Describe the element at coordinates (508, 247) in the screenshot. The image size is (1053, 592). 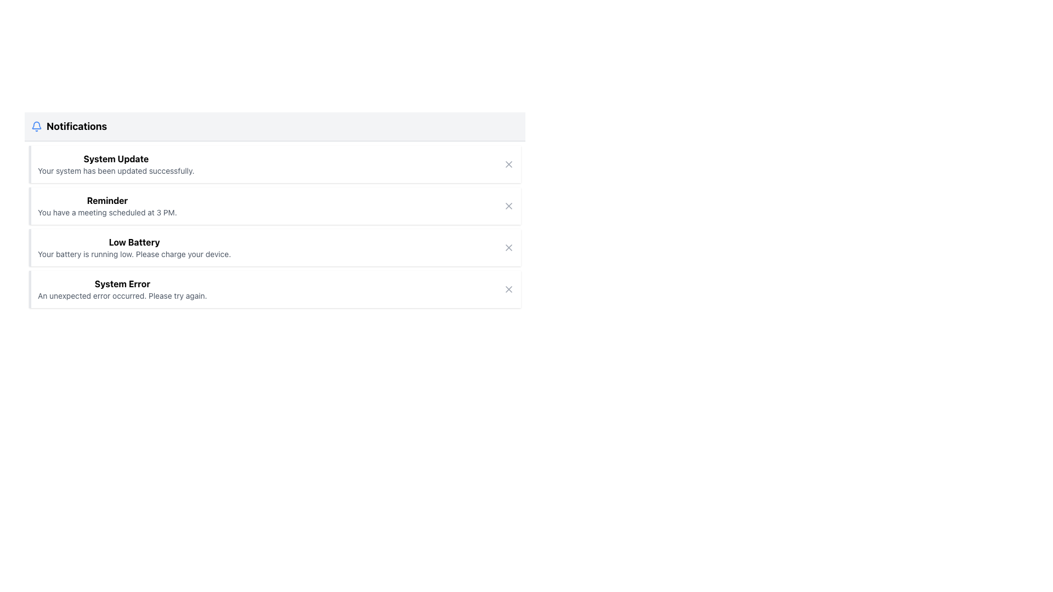
I see `the diagonal cross icon button in the top-right corner of the 'Low Battery' notification` at that location.